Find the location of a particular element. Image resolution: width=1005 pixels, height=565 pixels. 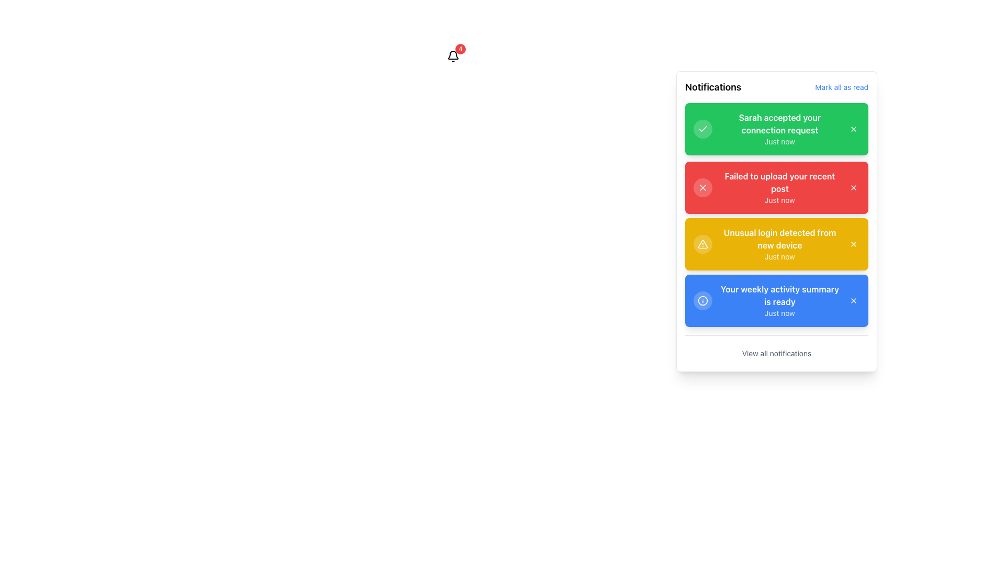

the 'View all notifications' text link, which is styled in gray and changes color on hover, located at the bottom of the notification panel is located at coordinates (776, 353).